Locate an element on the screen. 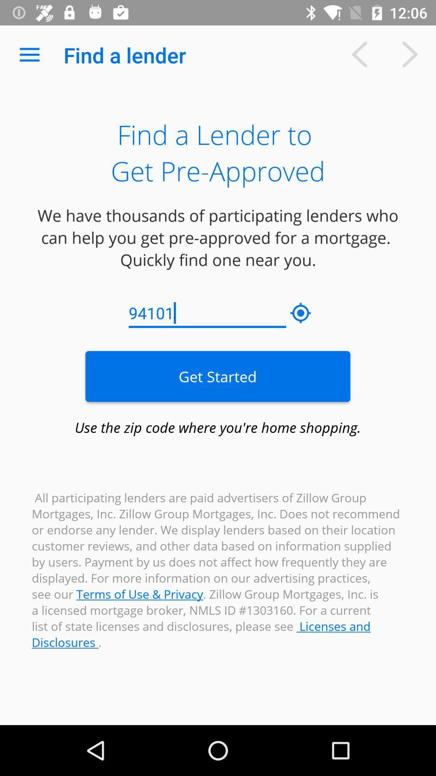 The image size is (436, 776). item next to 94101 icon is located at coordinates (301, 313).